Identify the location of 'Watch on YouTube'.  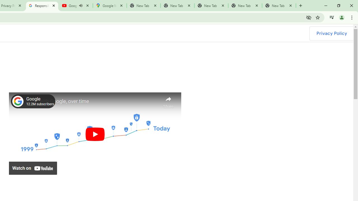
(33, 168).